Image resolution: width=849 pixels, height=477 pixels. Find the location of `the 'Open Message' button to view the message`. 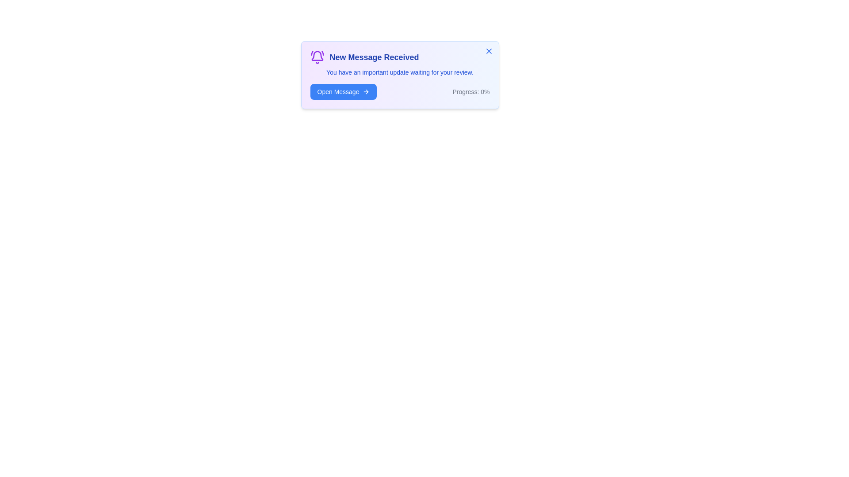

the 'Open Message' button to view the message is located at coordinates (343, 92).